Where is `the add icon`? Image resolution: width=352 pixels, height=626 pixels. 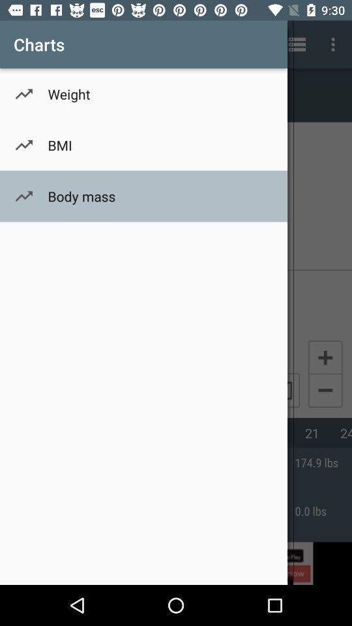
the add icon is located at coordinates (325, 357).